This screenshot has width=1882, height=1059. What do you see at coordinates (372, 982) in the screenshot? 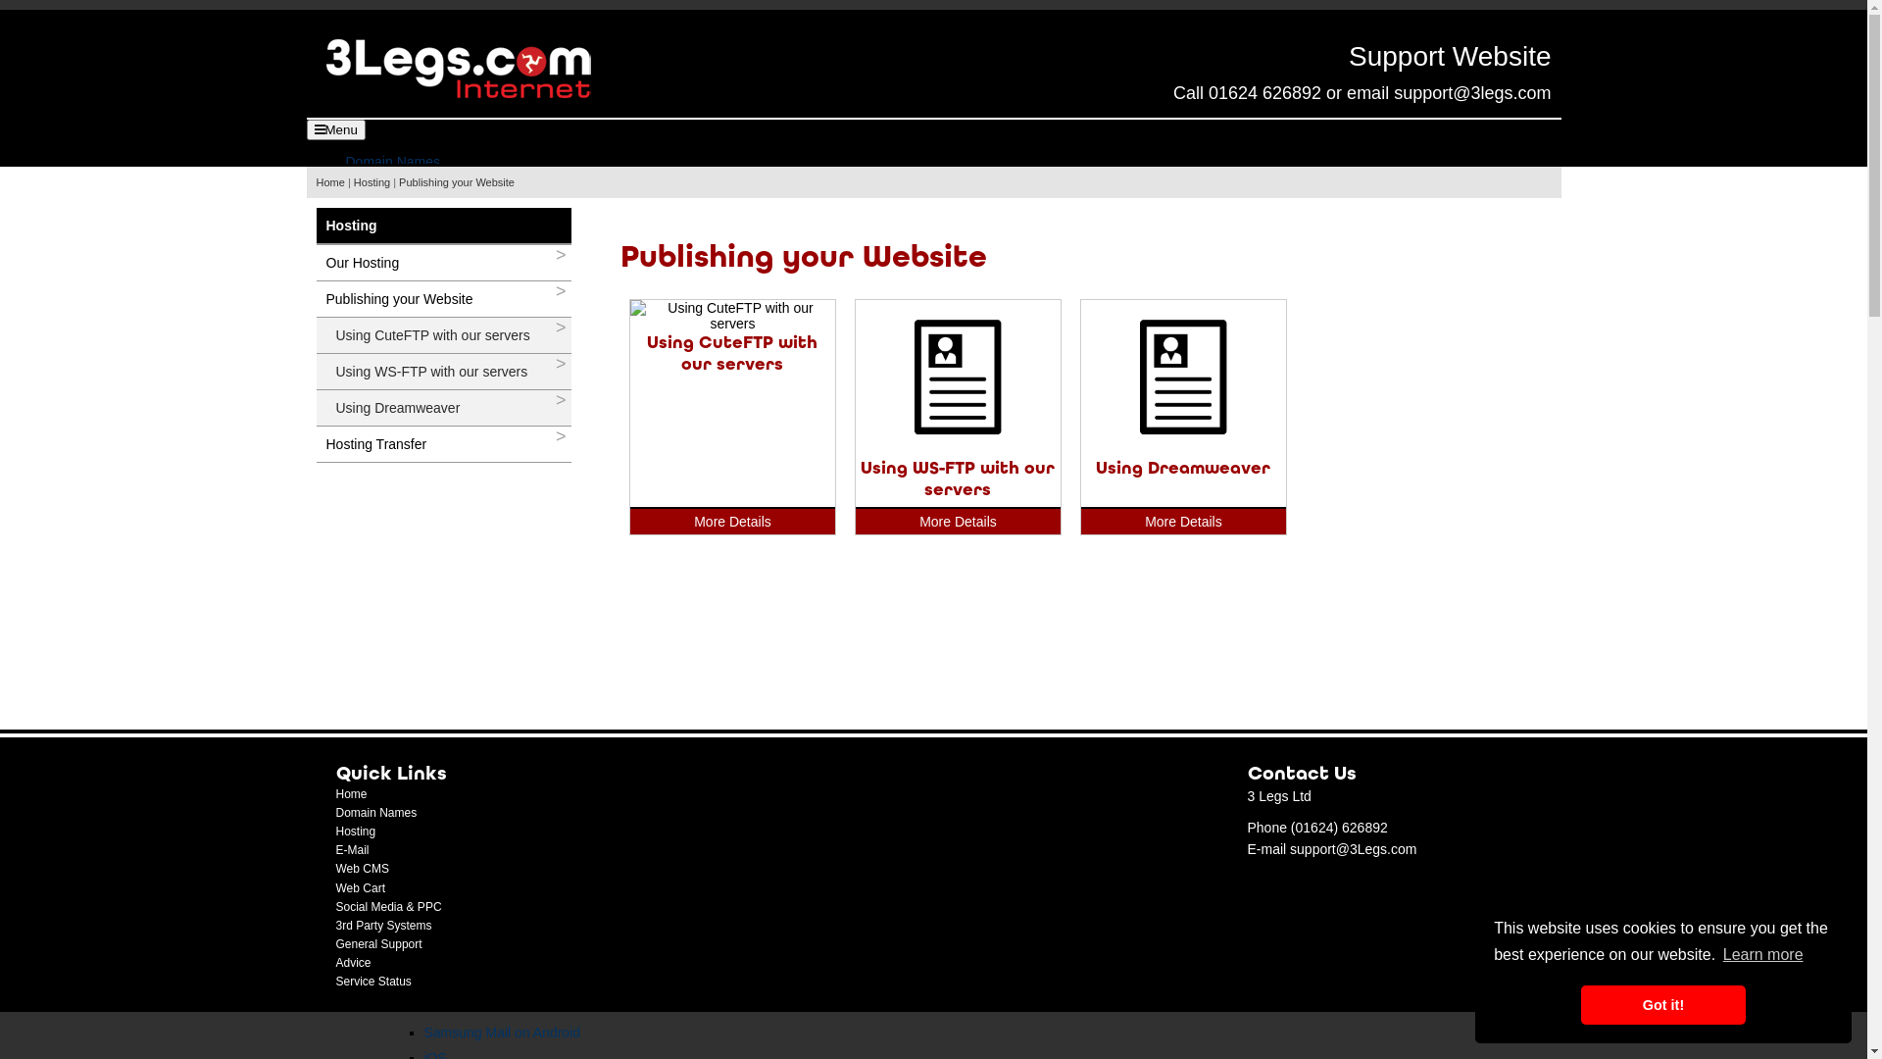
I see `'Service Status'` at bounding box center [372, 982].